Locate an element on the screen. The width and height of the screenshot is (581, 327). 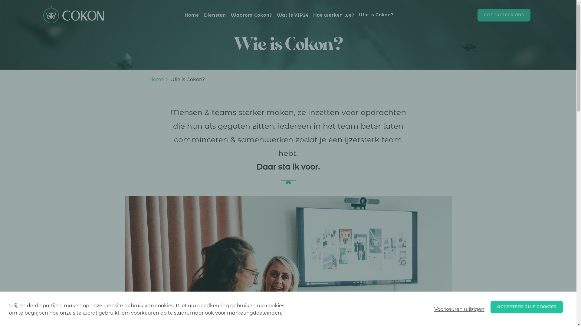
'Diensten' is located at coordinates (204, 15).